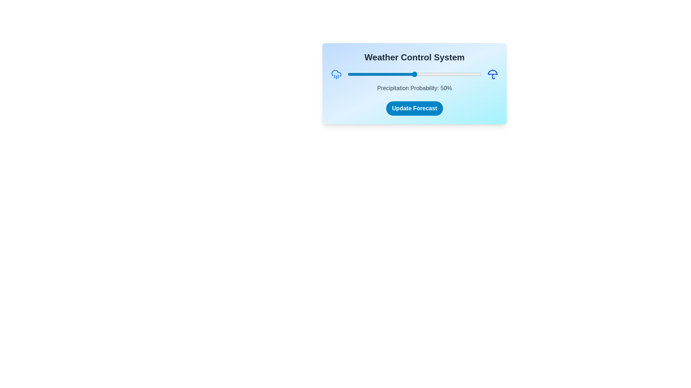  I want to click on the 'Update Forecast' button, so click(415, 108).